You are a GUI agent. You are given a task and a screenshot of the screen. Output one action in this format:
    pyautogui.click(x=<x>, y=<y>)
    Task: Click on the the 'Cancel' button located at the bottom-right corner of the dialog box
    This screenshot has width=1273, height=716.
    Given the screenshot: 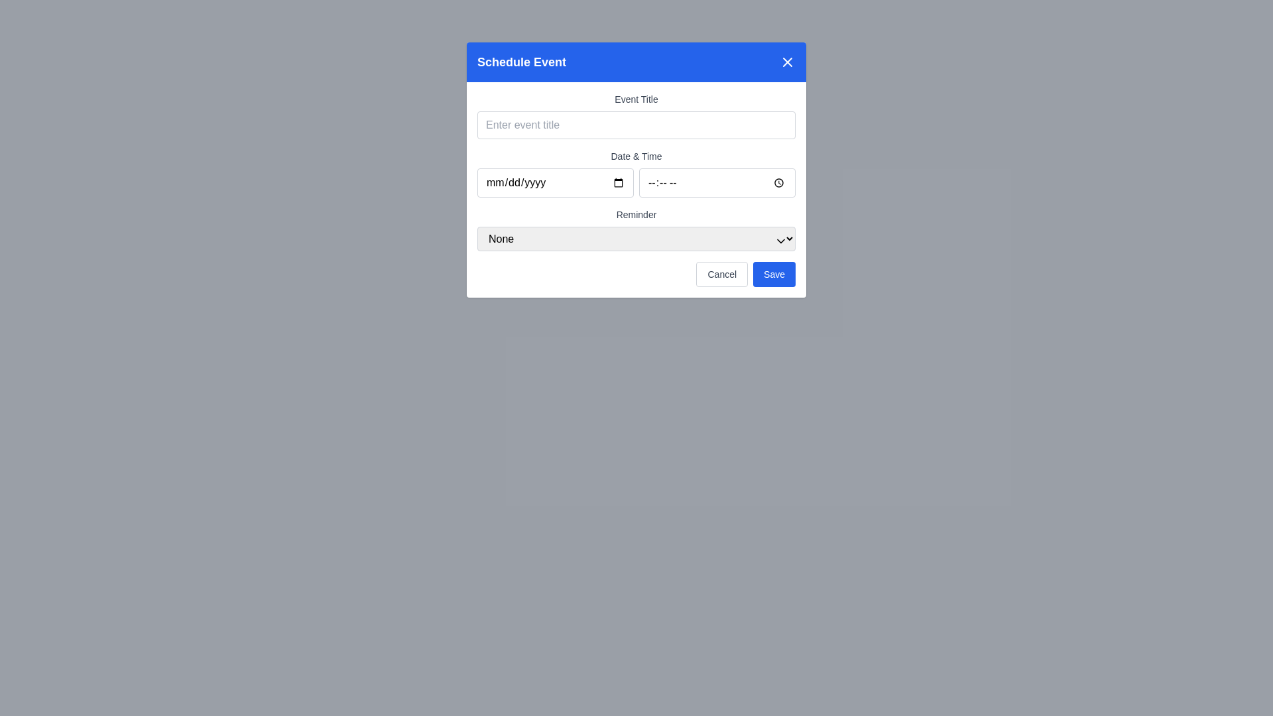 What is the action you would take?
    pyautogui.click(x=721, y=273)
    